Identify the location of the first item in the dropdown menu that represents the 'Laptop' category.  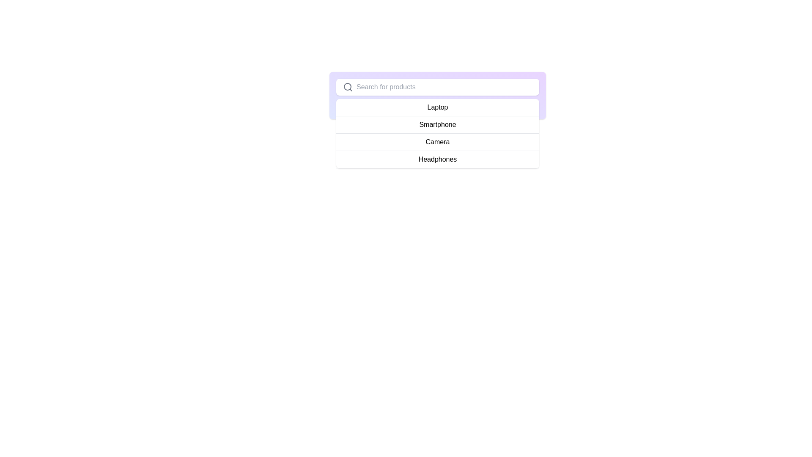
(438, 107).